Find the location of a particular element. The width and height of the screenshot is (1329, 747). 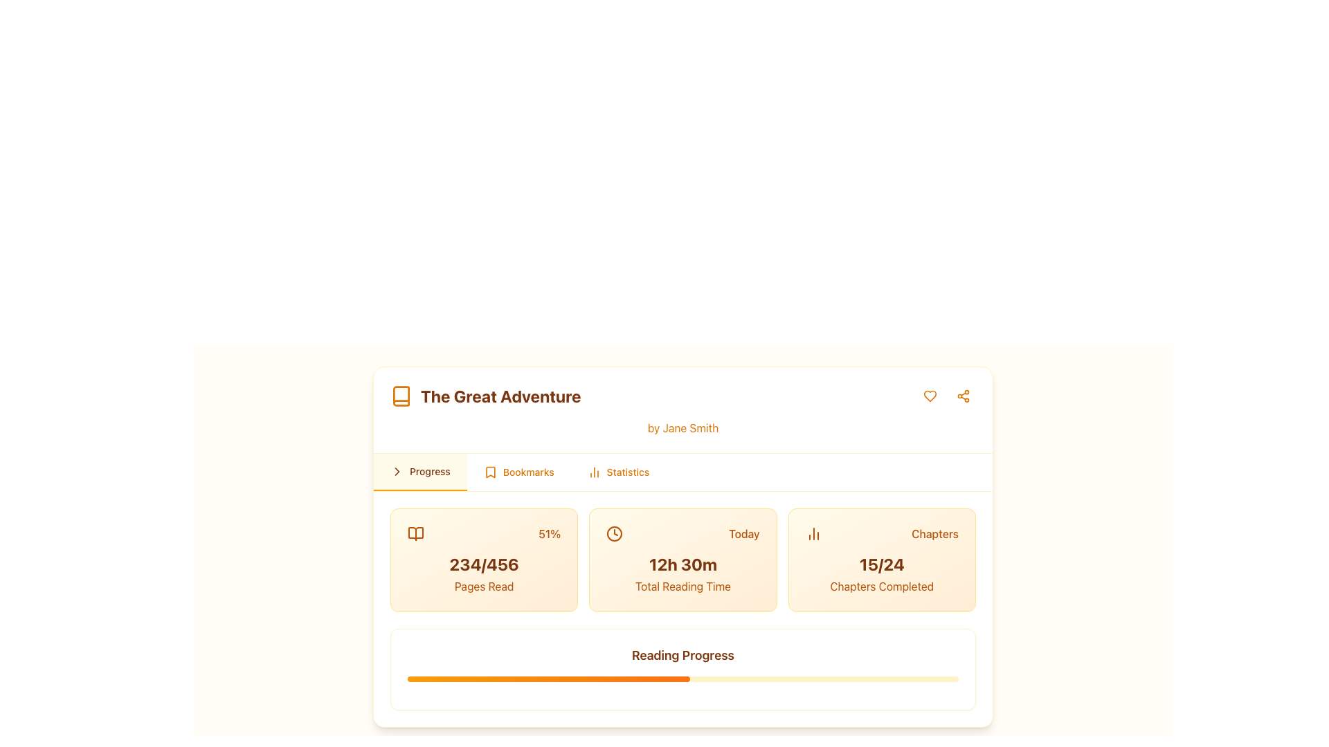

the 'Reading Progress' title or the progress bar to interact with it, as it has interactive functionality is located at coordinates (683, 663).